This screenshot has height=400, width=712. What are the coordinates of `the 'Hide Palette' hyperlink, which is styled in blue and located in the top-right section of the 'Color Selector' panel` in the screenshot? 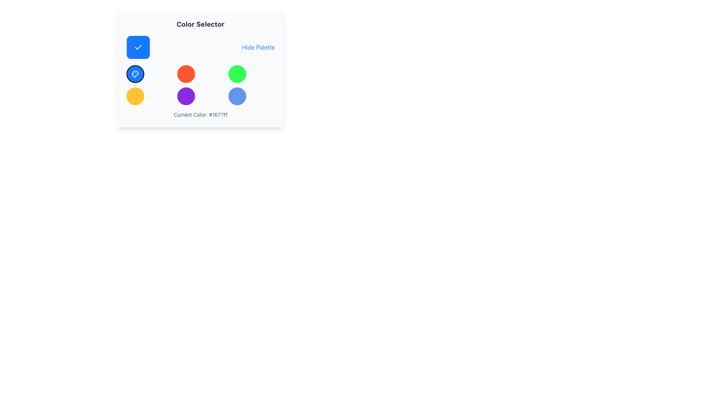 It's located at (258, 47).